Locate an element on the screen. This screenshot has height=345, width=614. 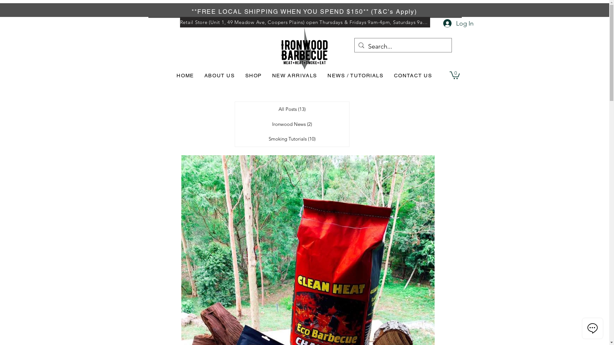
'Log In' is located at coordinates (457, 23).